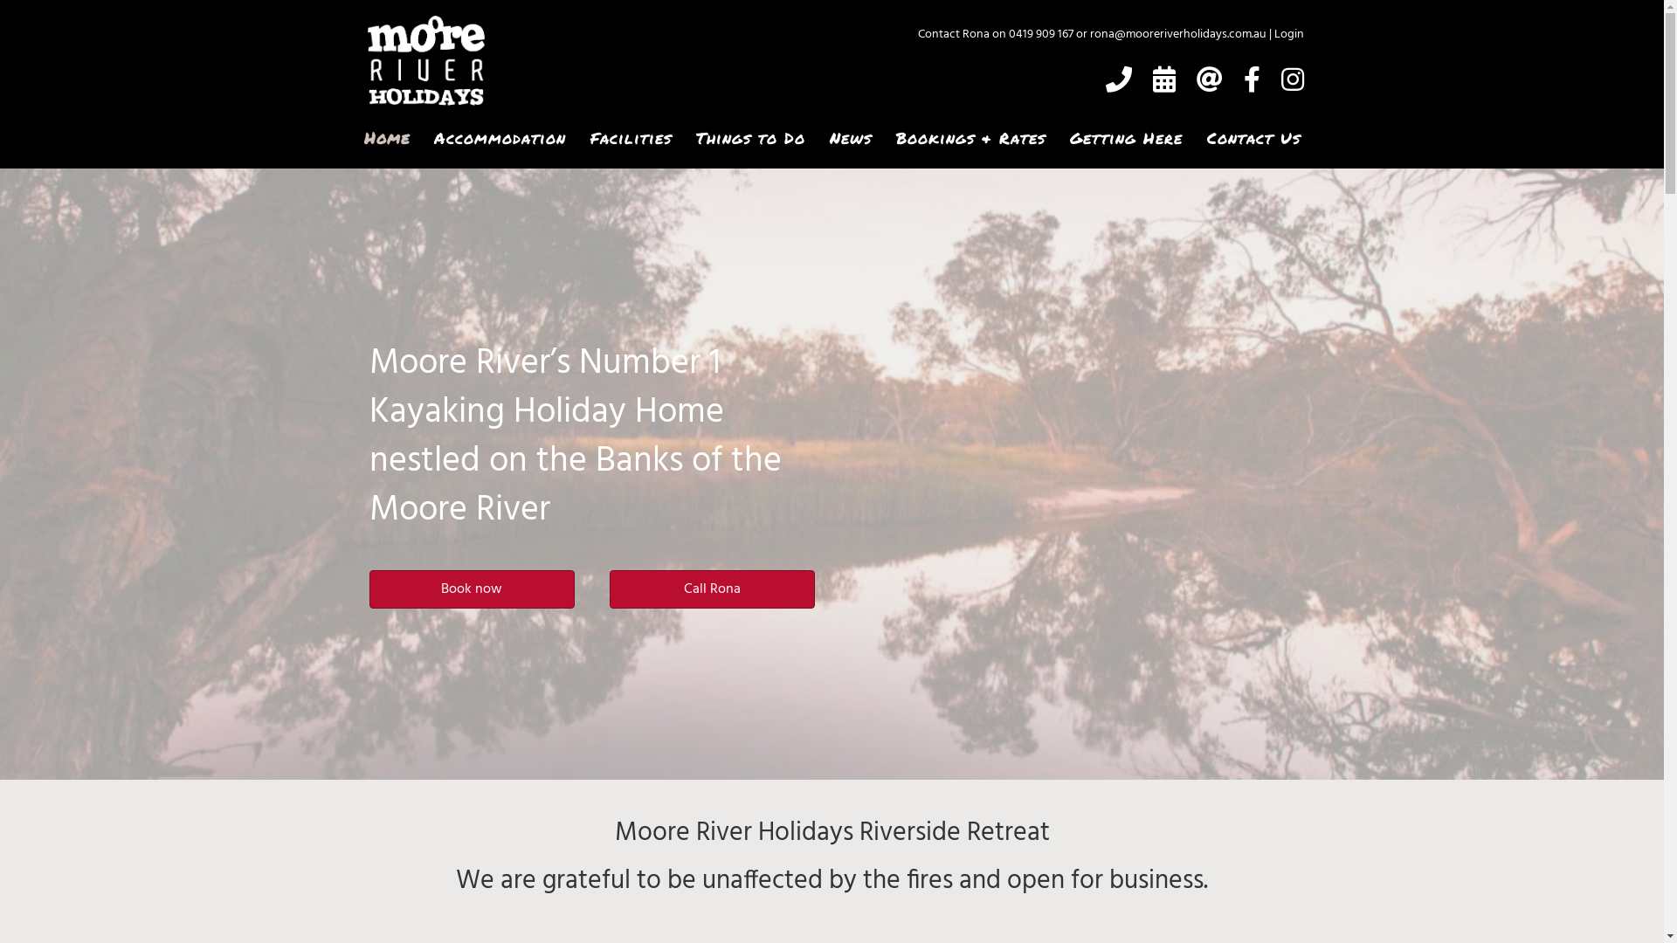 The height and width of the screenshot is (943, 1677). What do you see at coordinates (385, 137) in the screenshot?
I see `'Home'` at bounding box center [385, 137].